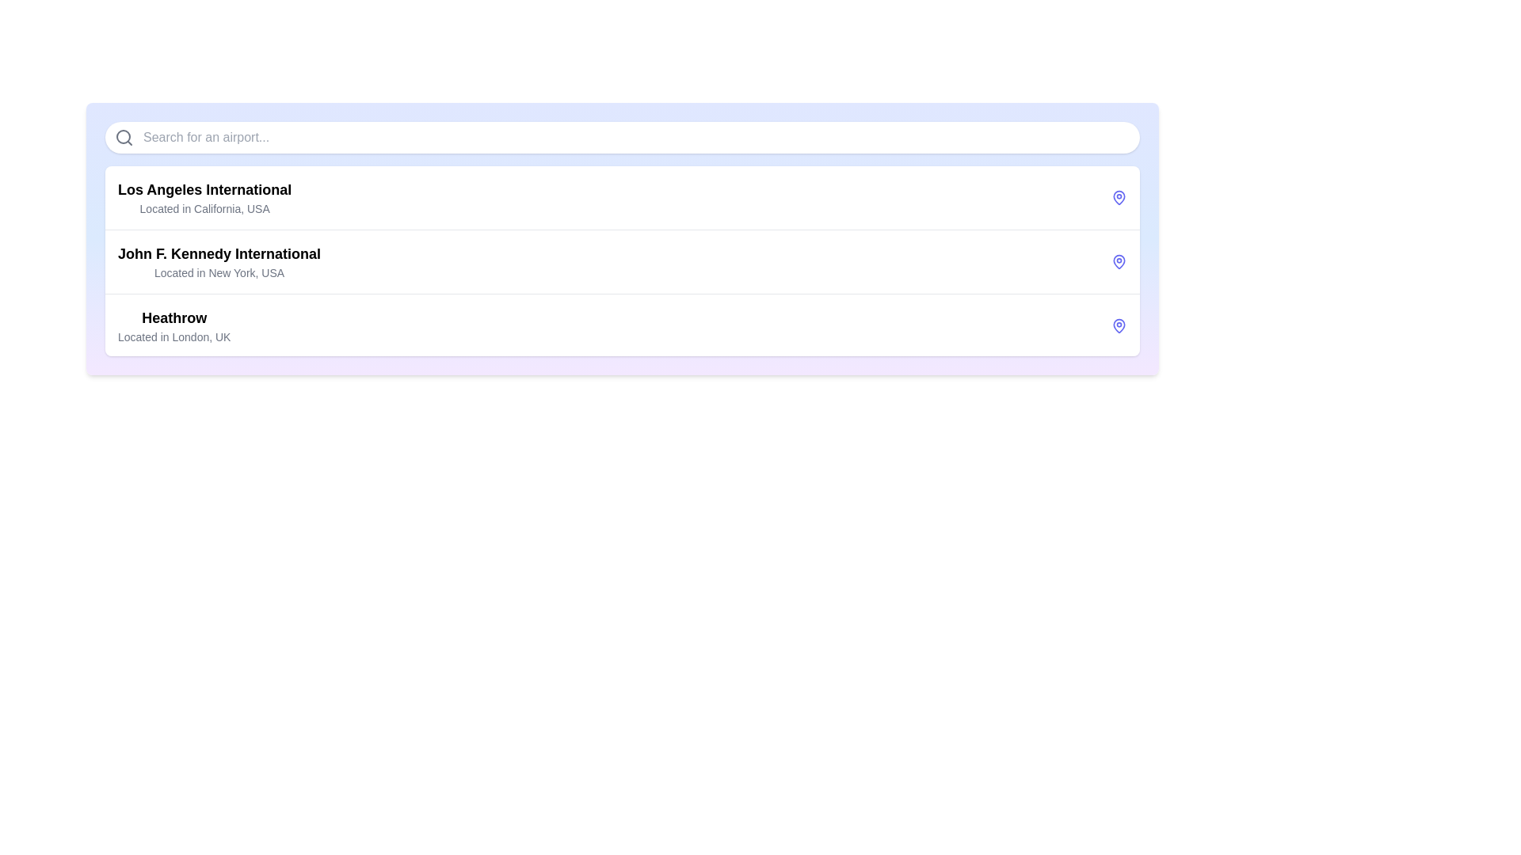 The width and height of the screenshot is (1521, 855). What do you see at coordinates (622, 197) in the screenshot?
I see `the first list item displaying information about 'Los Angeles International' airport` at bounding box center [622, 197].